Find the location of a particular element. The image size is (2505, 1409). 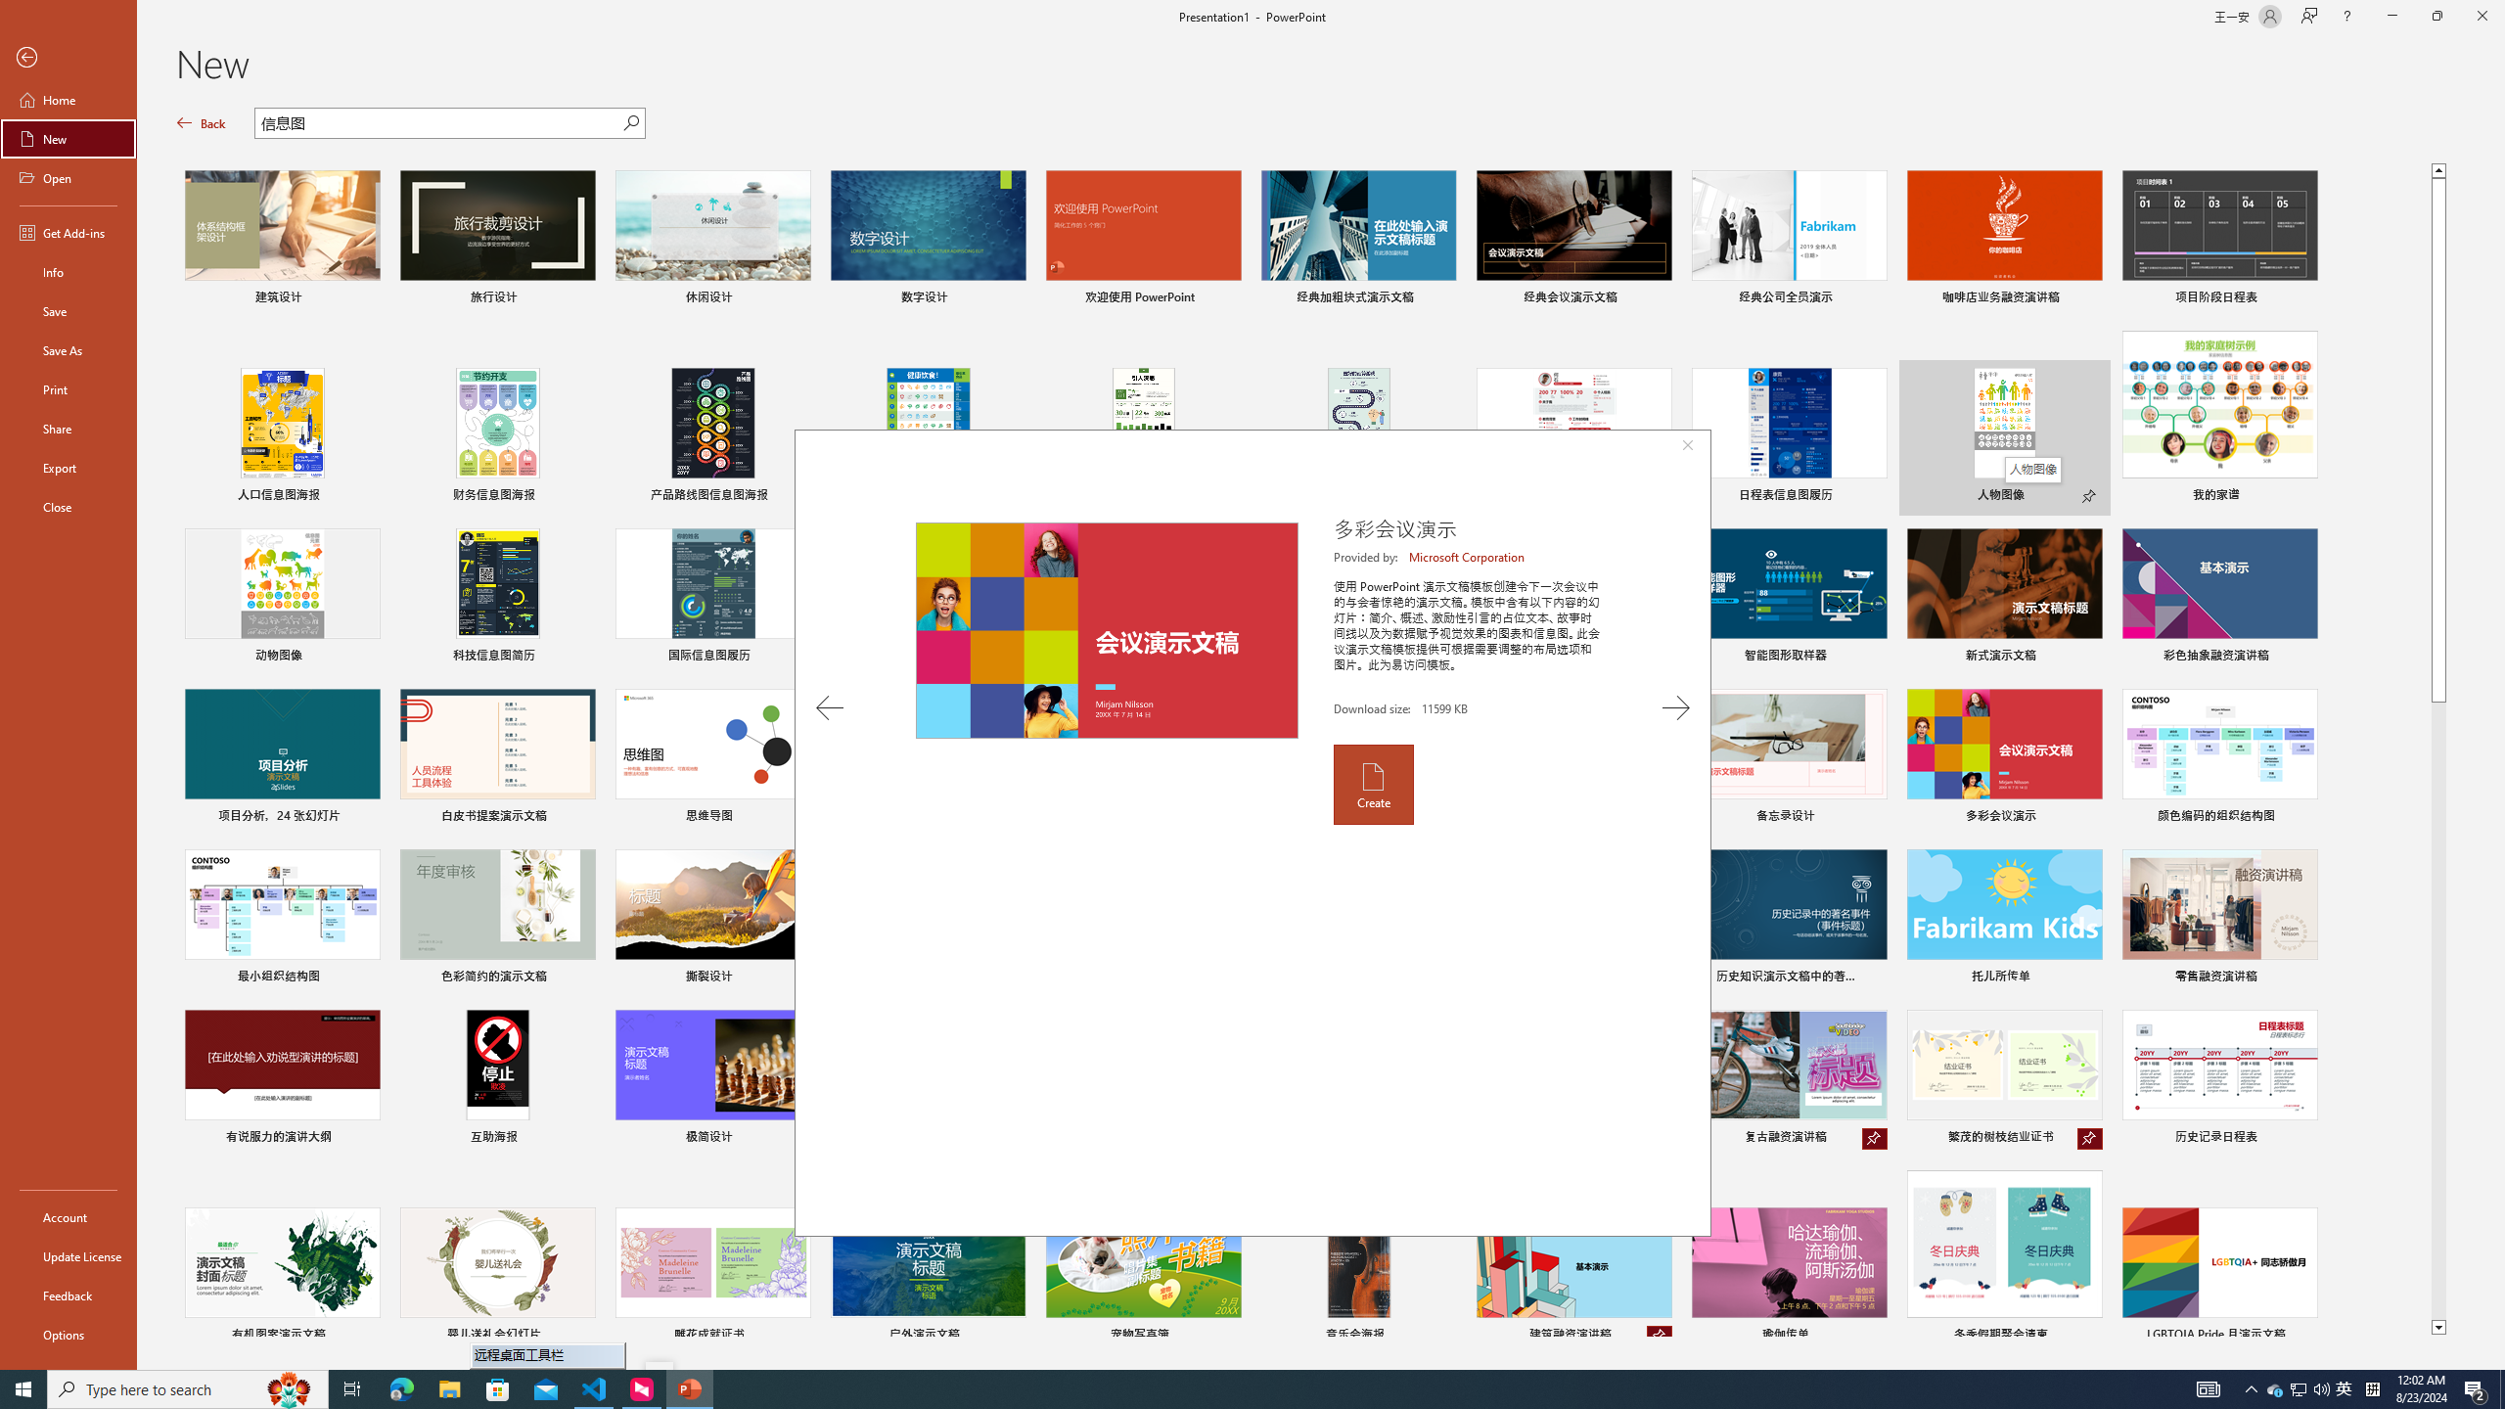

'Next Template' is located at coordinates (1675, 707).